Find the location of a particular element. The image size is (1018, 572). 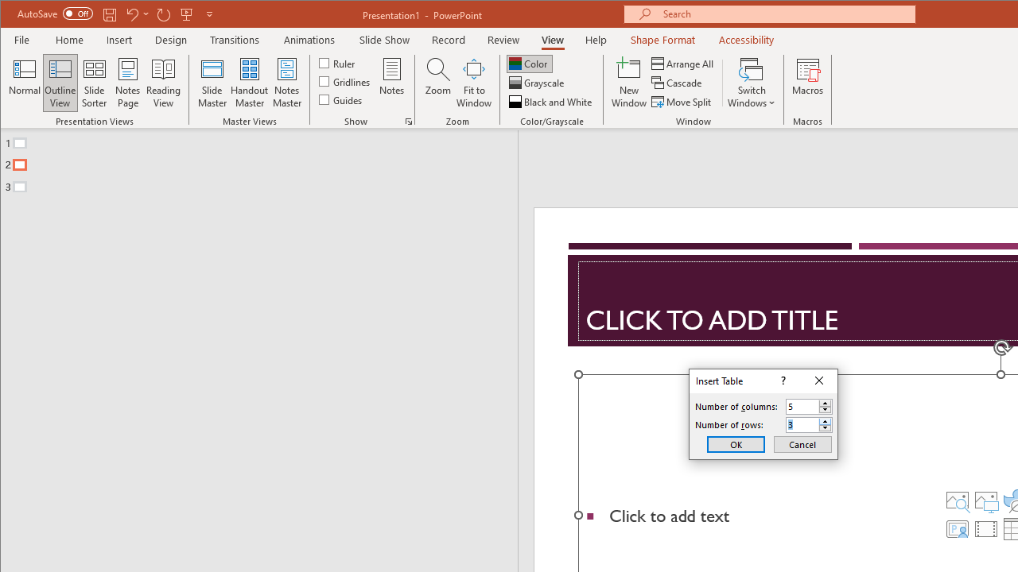

'Cascade' is located at coordinates (678, 83).